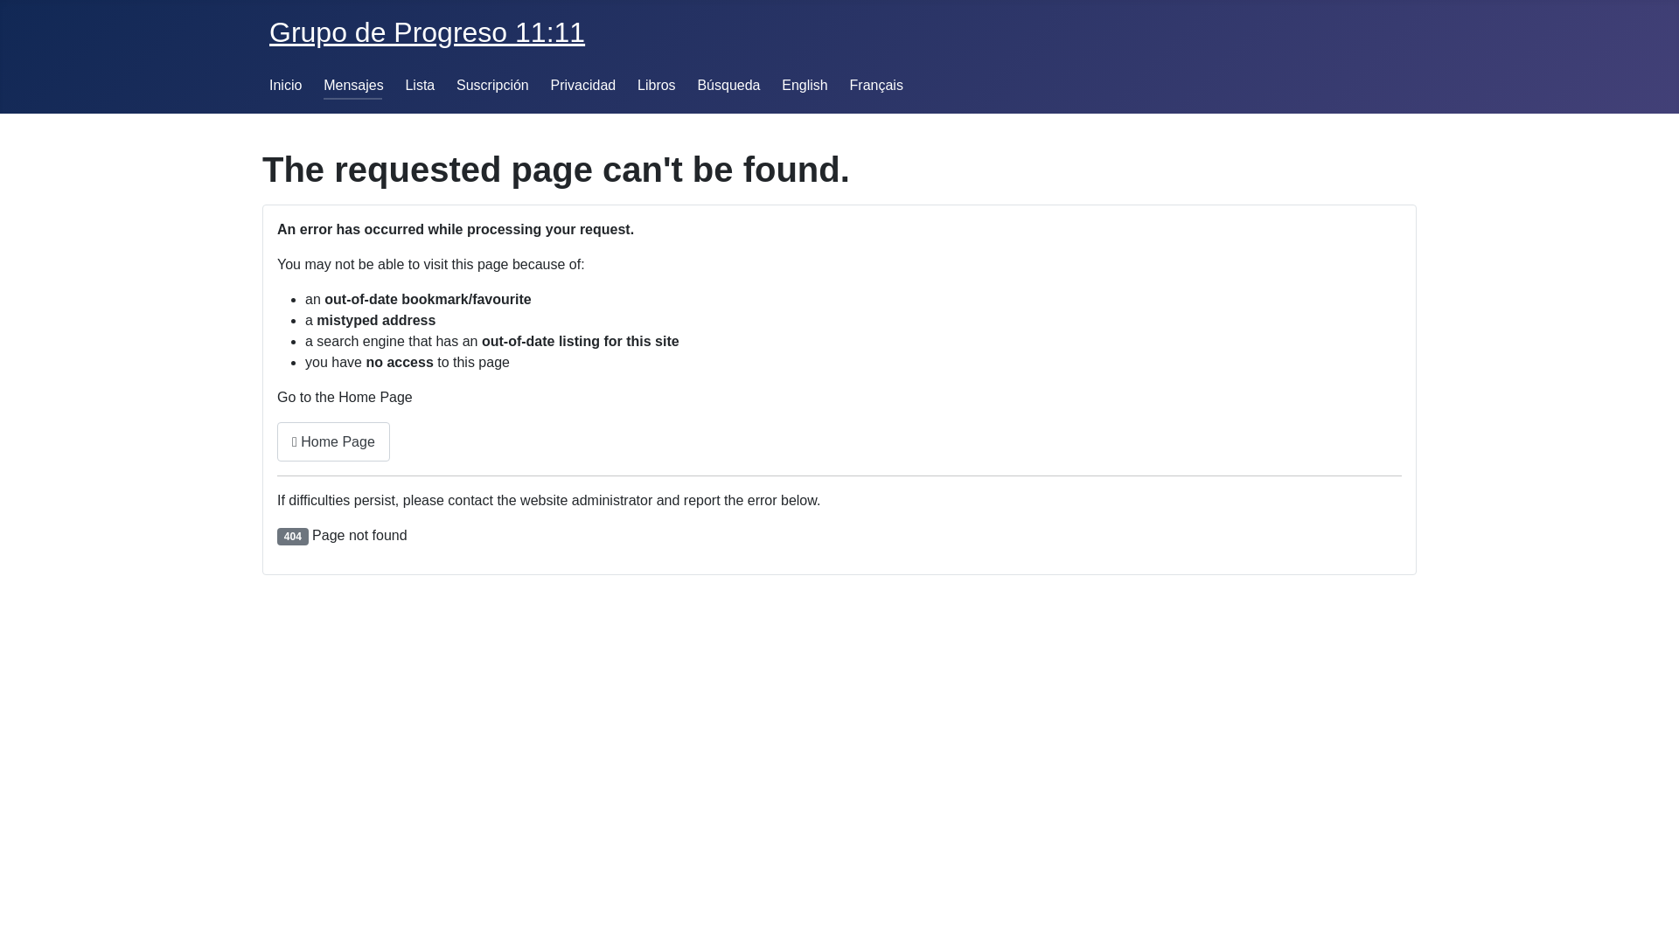 The height and width of the screenshot is (944, 1679). I want to click on 'Inicio', so click(285, 85).